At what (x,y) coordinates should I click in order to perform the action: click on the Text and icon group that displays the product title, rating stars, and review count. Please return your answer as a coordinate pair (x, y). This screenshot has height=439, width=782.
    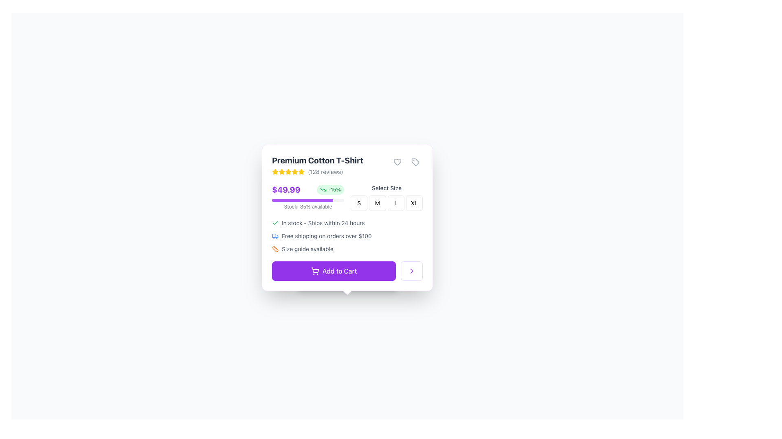
    Looking at the image, I should click on (317, 165).